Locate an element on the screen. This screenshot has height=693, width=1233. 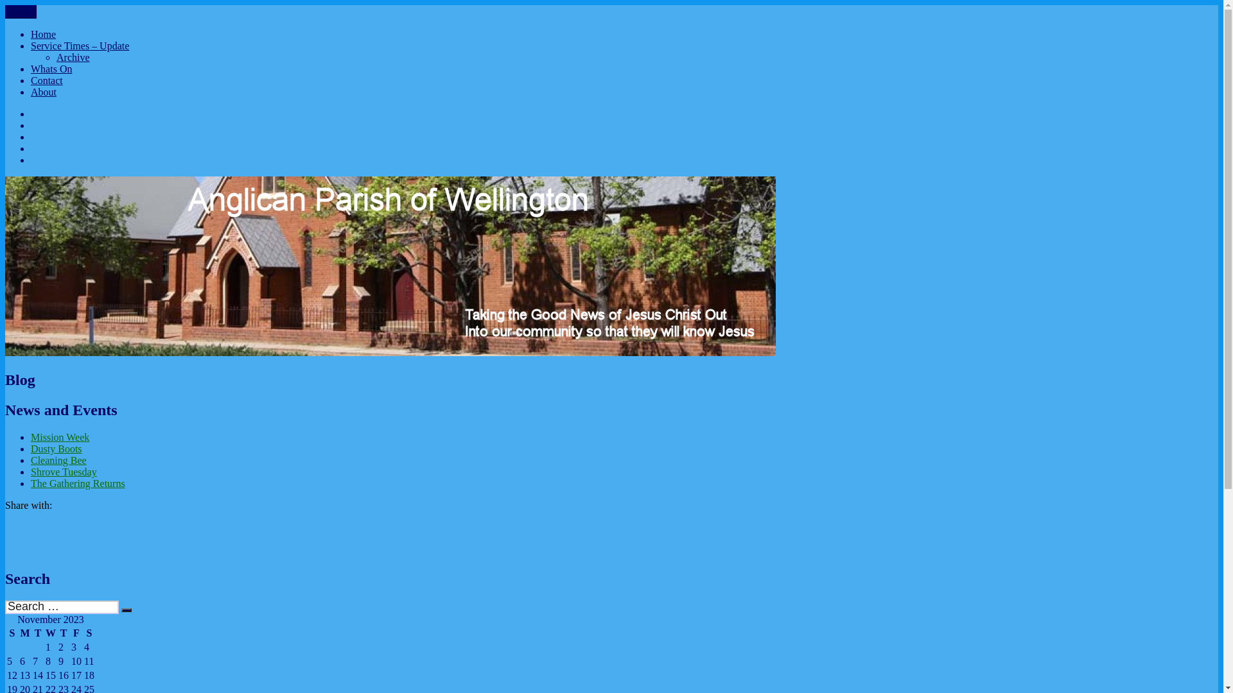
'Mission Week' is located at coordinates (31, 436).